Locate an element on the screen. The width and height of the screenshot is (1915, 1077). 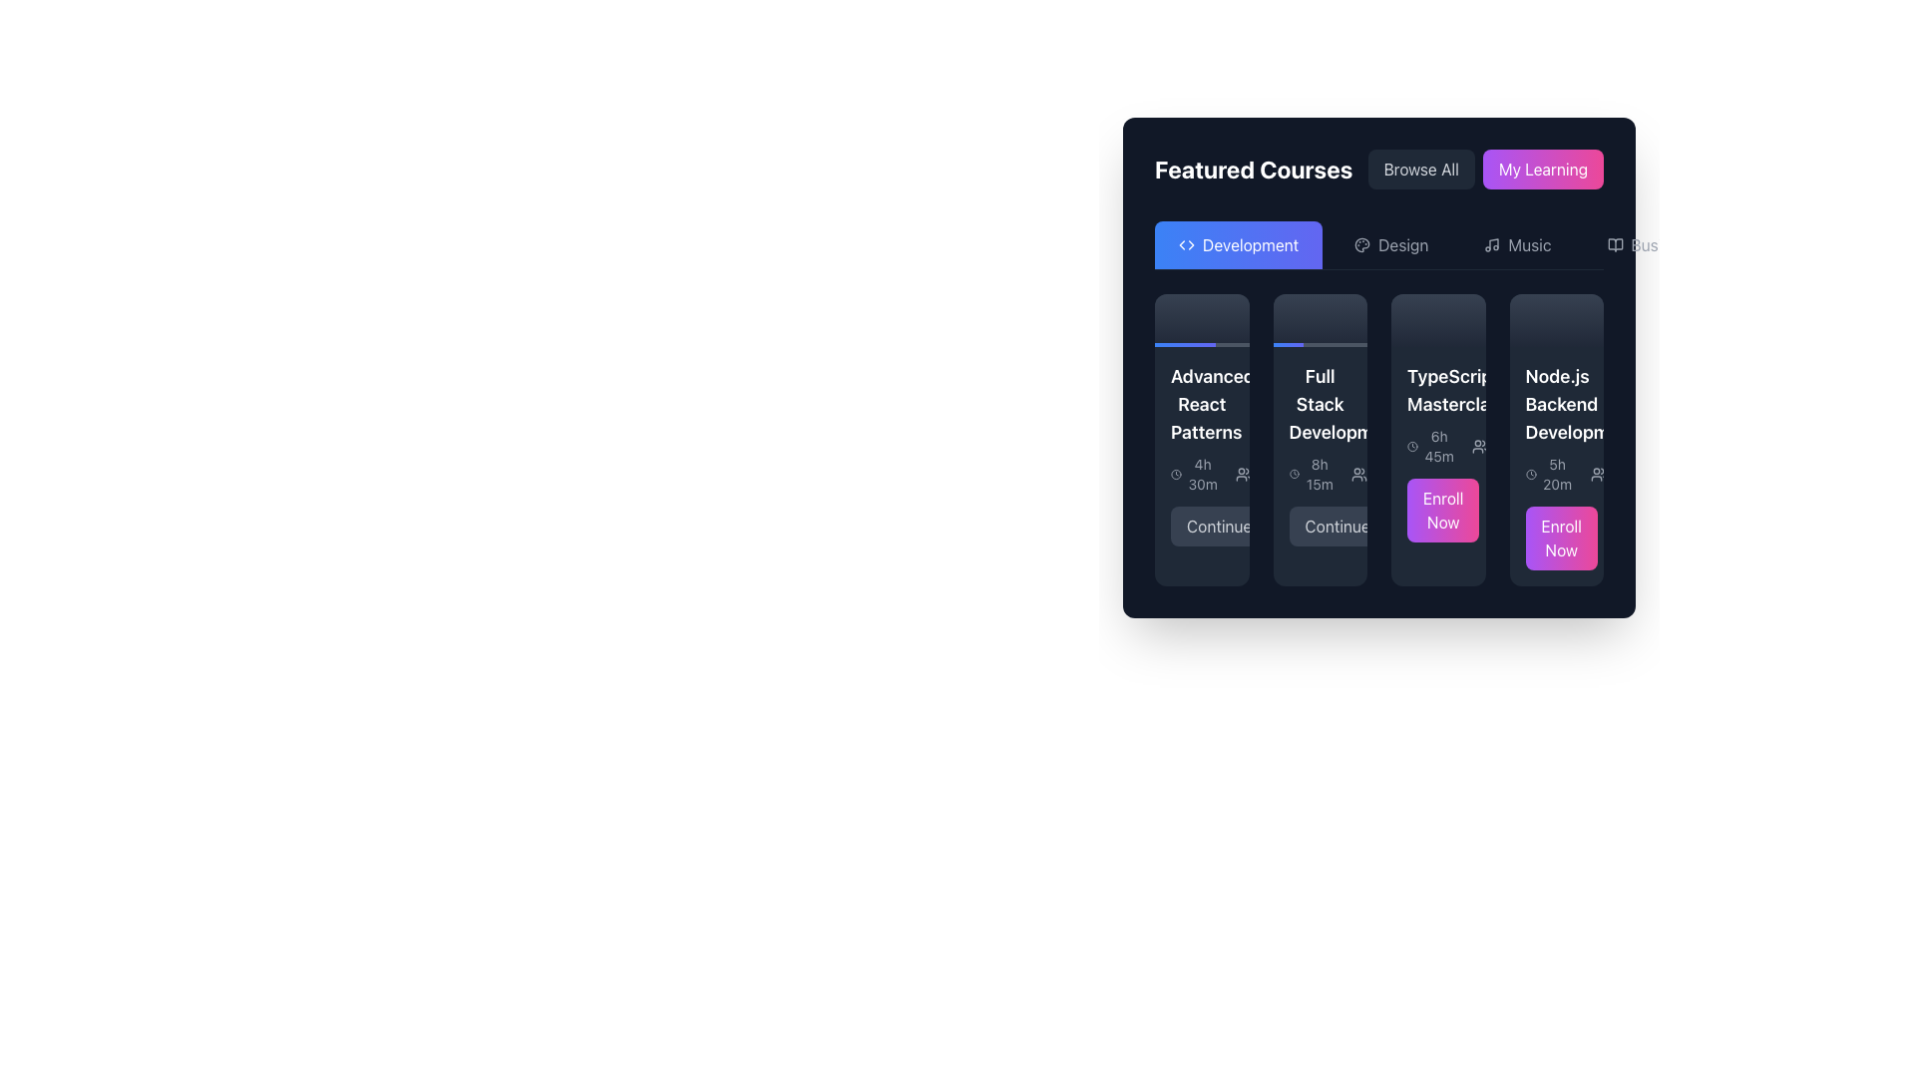
the 'Enroll Now' button, which is a rectangular gradient button transitioning from purple to pink with white text, to observe its hover effect is located at coordinates (1560, 538).